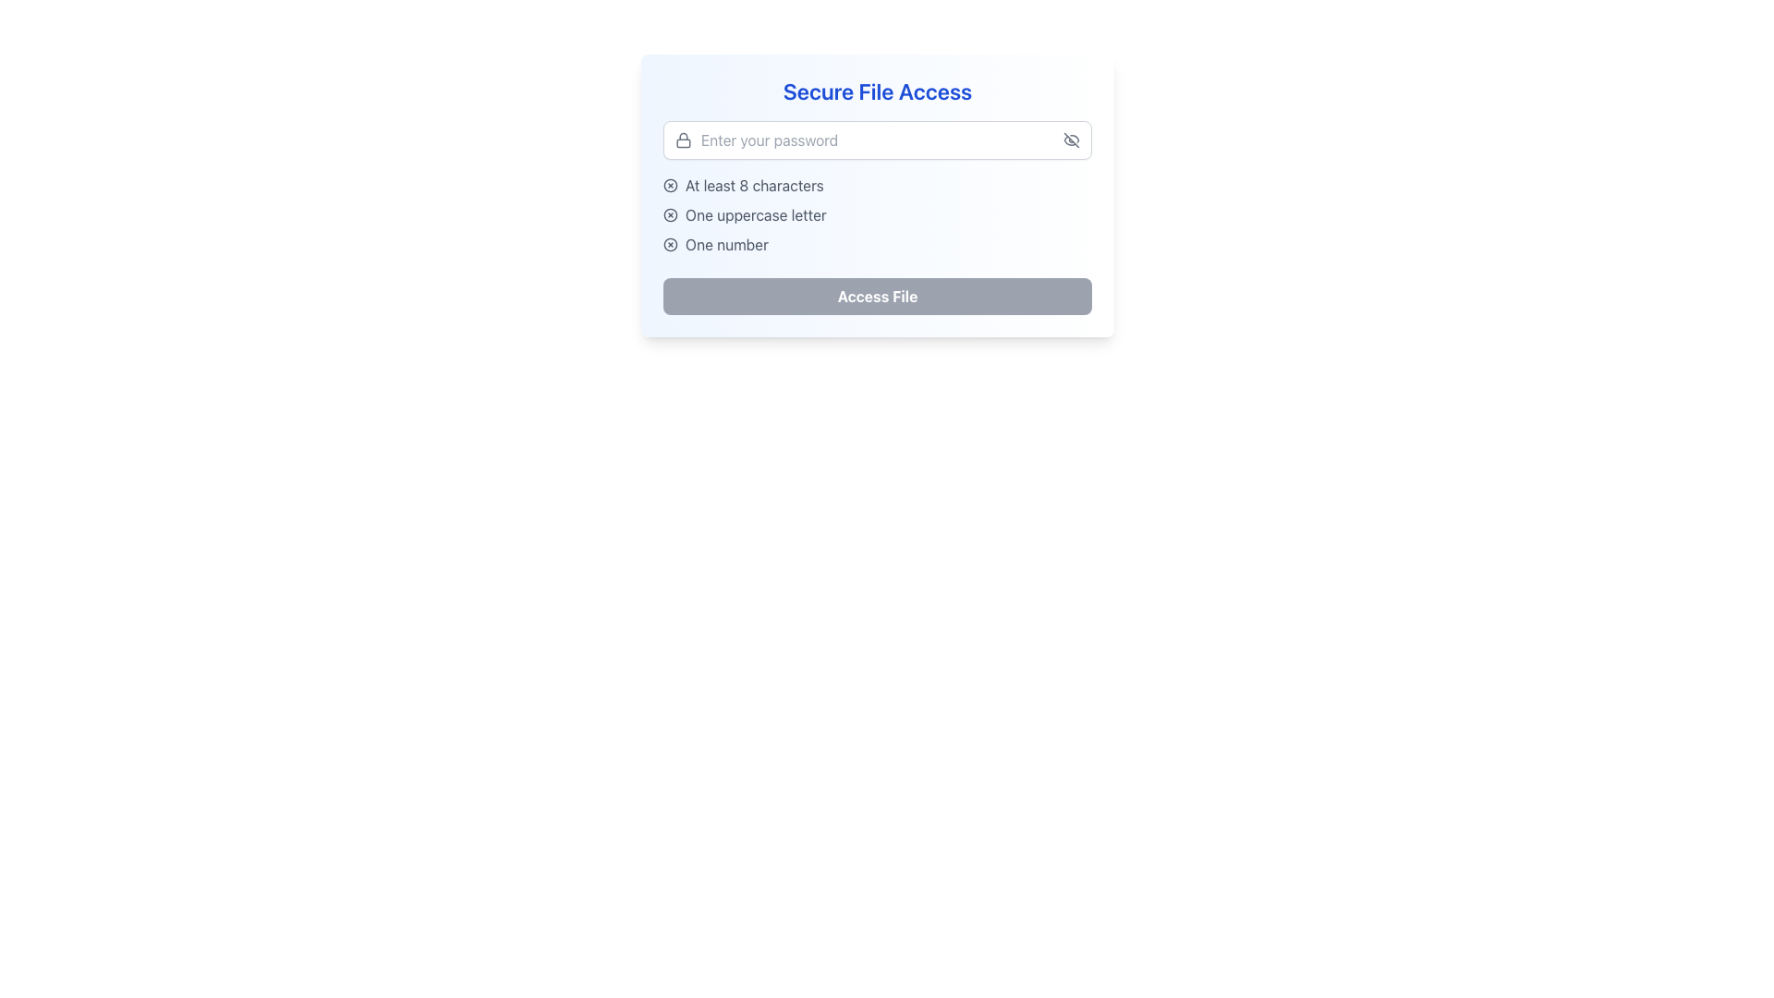  Describe the element at coordinates (669, 185) in the screenshot. I see `the circular outline icon that indicates the status of the password requirement, located to the left of the text 'At least 8 characters'` at that location.